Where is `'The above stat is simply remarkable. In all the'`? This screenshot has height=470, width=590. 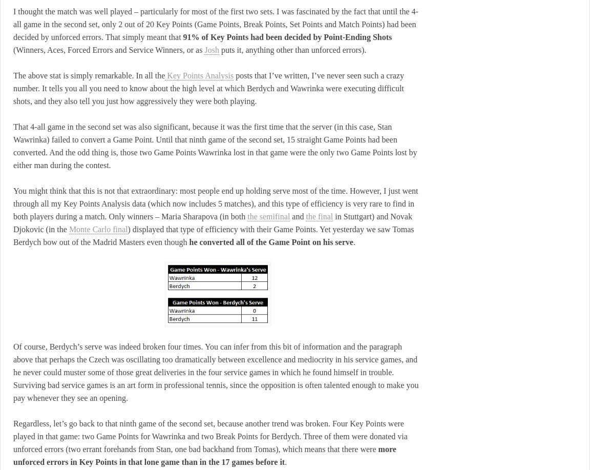 'The above stat is simply remarkable. In all the' is located at coordinates (89, 75).